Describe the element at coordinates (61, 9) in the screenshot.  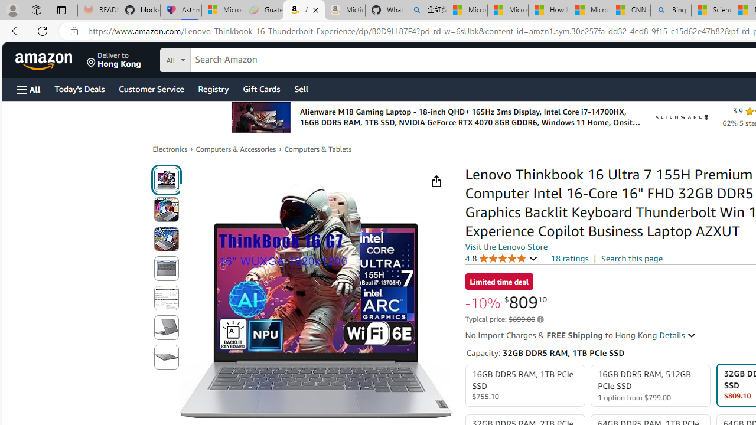
I see `'Tab actions menu'` at that location.